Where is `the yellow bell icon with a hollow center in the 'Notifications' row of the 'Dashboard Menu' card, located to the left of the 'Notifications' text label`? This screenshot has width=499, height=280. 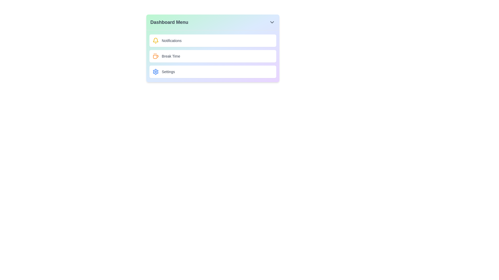
the yellow bell icon with a hollow center in the 'Notifications' row of the 'Dashboard Menu' card, located to the left of the 'Notifications' text label is located at coordinates (155, 40).